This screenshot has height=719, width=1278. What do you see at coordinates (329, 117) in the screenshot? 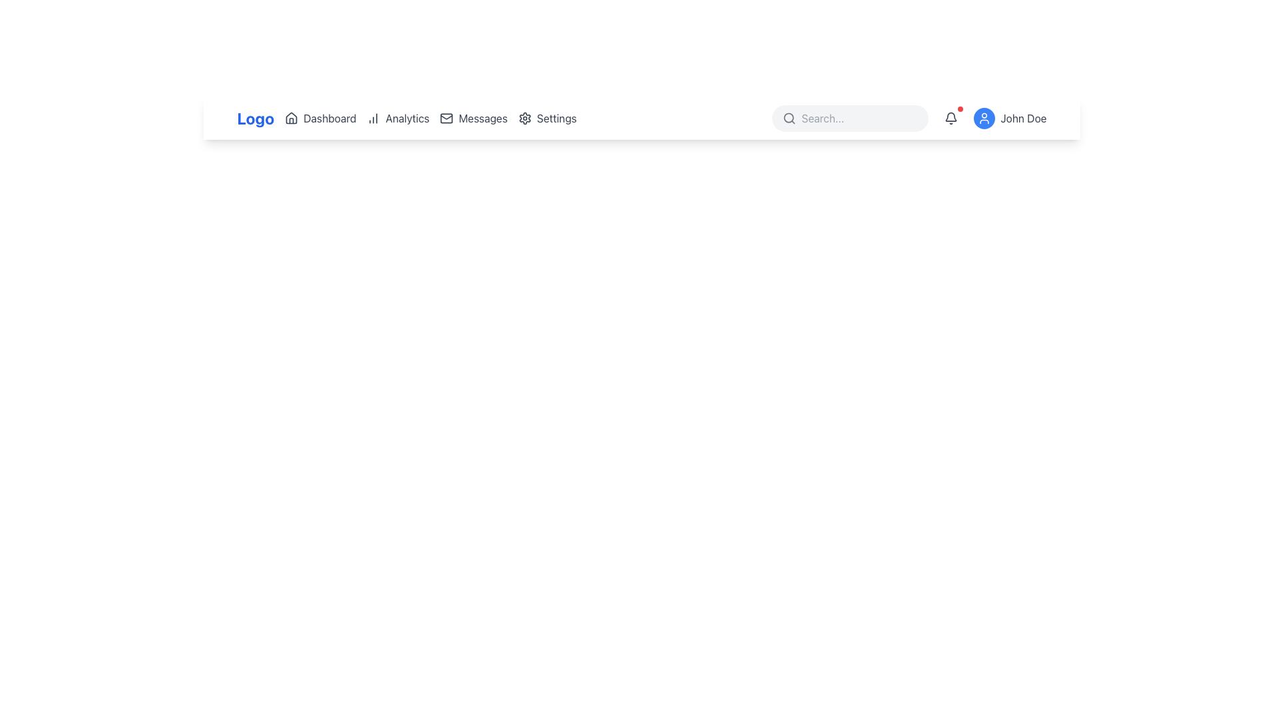
I see `the text label within the navigation link that serves as a link to the dashboard section of the application` at bounding box center [329, 117].